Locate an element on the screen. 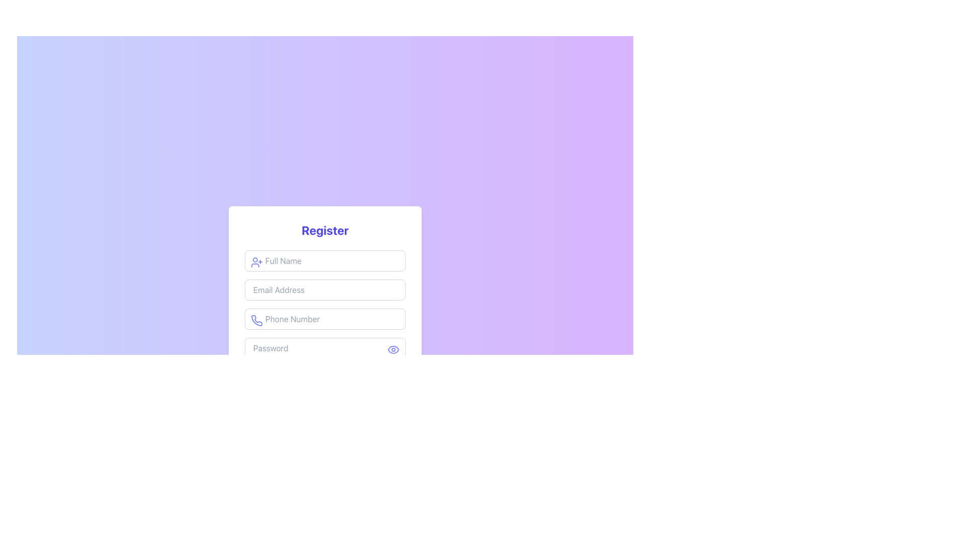 Image resolution: width=965 pixels, height=542 pixels. the eye icon used for password visibility toggling is located at coordinates (393, 349).